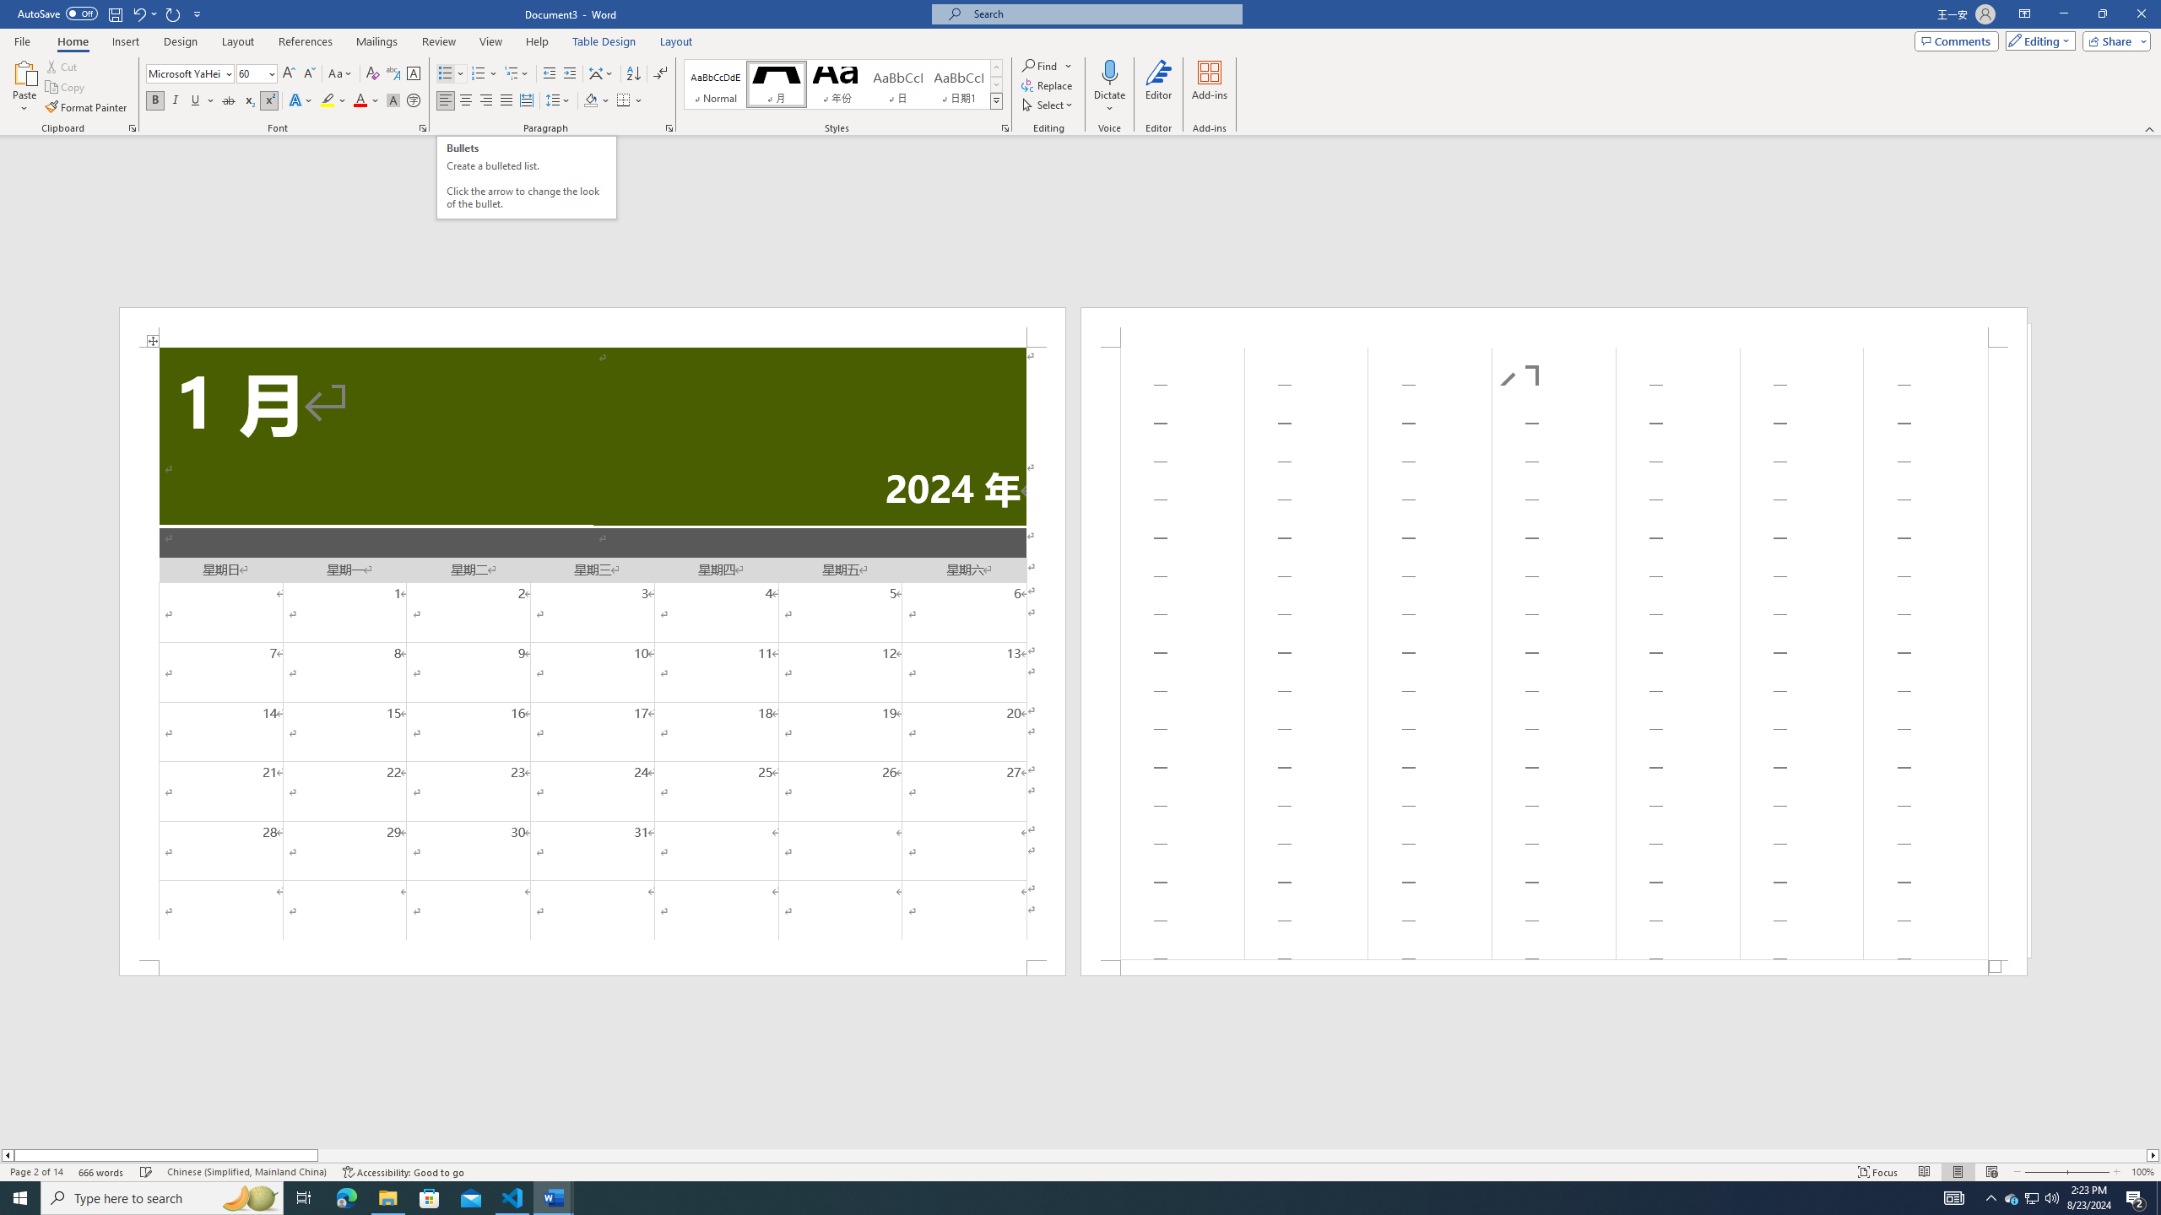 The width and height of the screenshot is (2161, 1215). Describe the element at coordinates (2150, 129) in the screenshot. I see `'Collapse the Ribbon'` at that location.